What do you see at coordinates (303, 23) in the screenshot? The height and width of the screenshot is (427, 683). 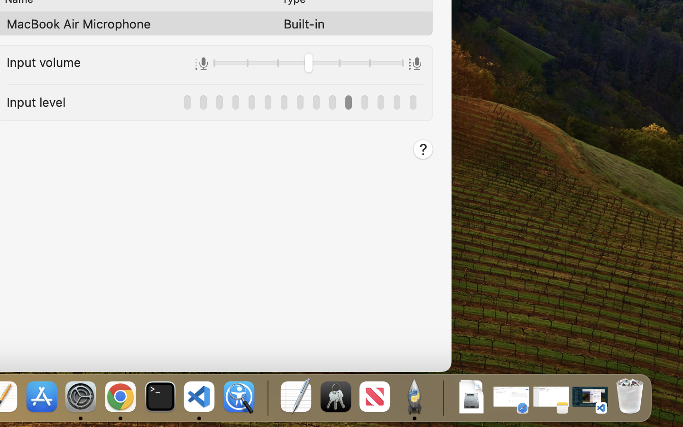 I see `'Built-in'` at bounding box center [303, 23].